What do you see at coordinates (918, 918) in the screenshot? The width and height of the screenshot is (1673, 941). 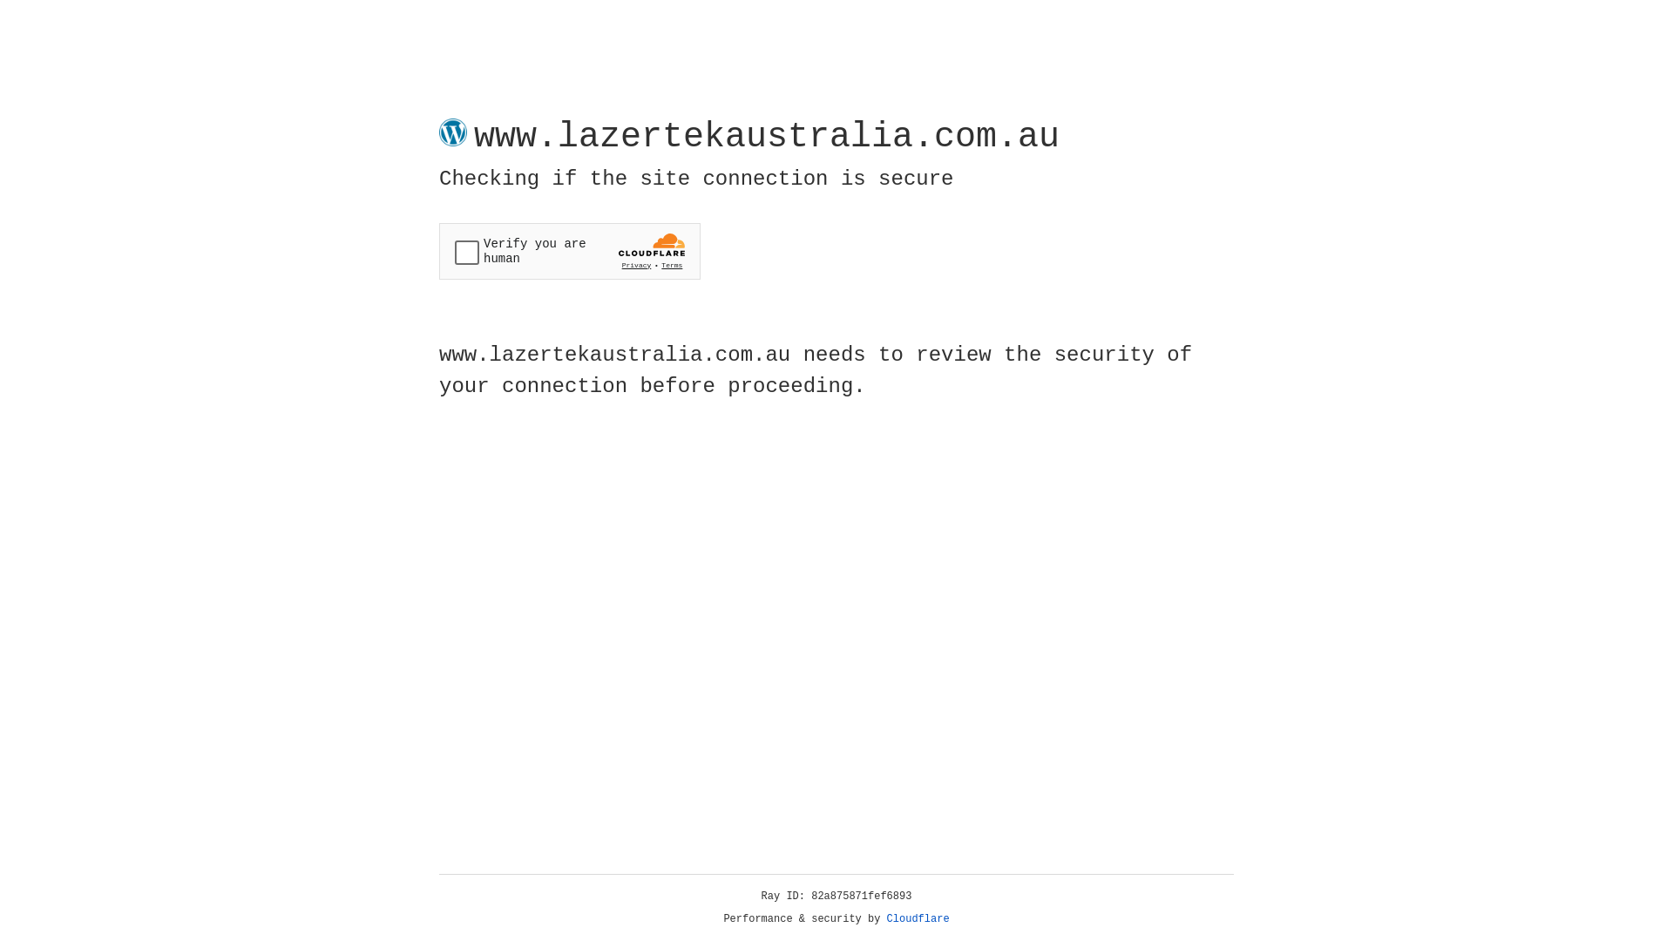 I see `'Cloudflare'` at bounding box center [918, 918].